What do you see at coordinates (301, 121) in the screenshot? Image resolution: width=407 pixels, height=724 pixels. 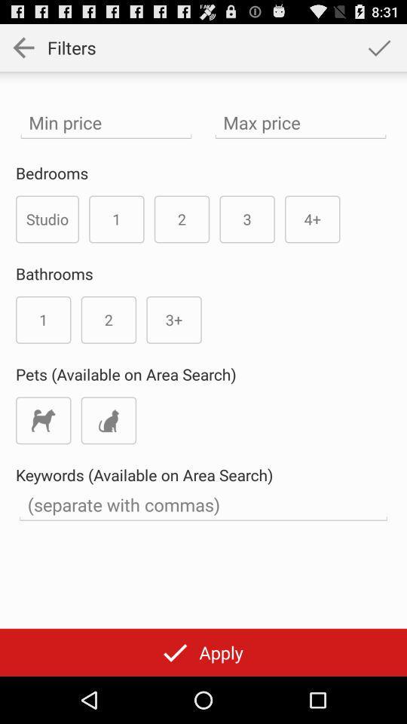 I see `max price` at bounding box center [301, 121].